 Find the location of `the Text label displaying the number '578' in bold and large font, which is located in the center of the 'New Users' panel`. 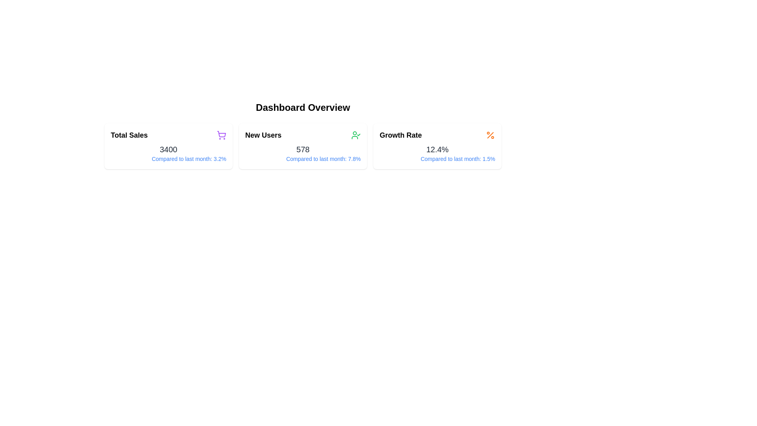

the Text label displaying the number '578' in bold and large font, which is located in the center of the 'New Users' panel is located at coordinates (302, 149).